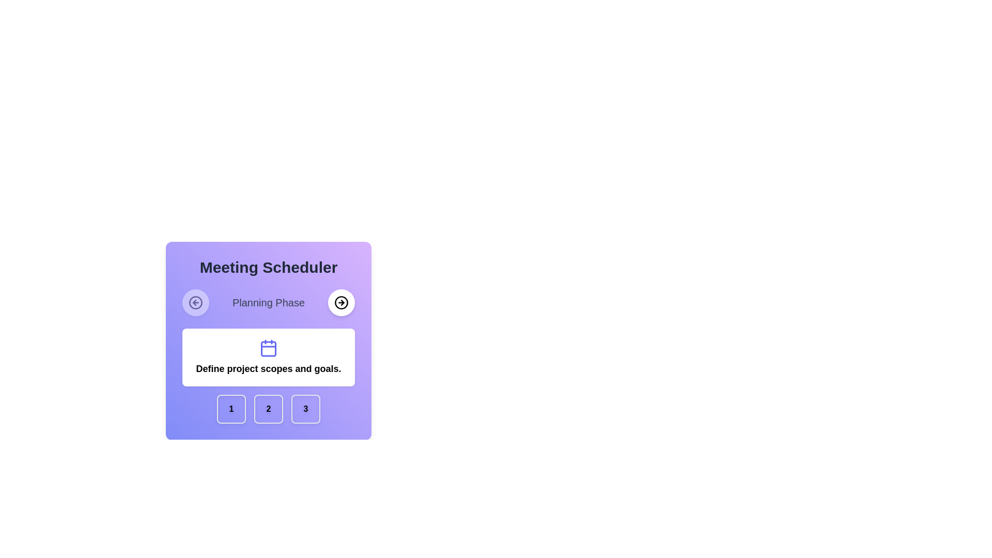  I want to click on the circular button with a white background and a black arrow icon pointing, so click(342, 302).